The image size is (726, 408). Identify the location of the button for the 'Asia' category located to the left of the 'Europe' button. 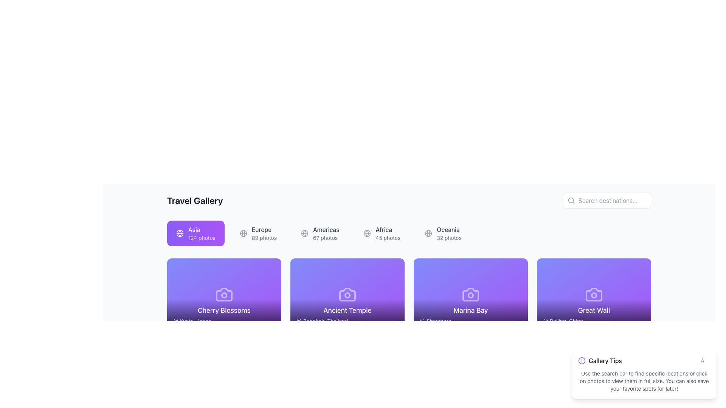
(195, 233).